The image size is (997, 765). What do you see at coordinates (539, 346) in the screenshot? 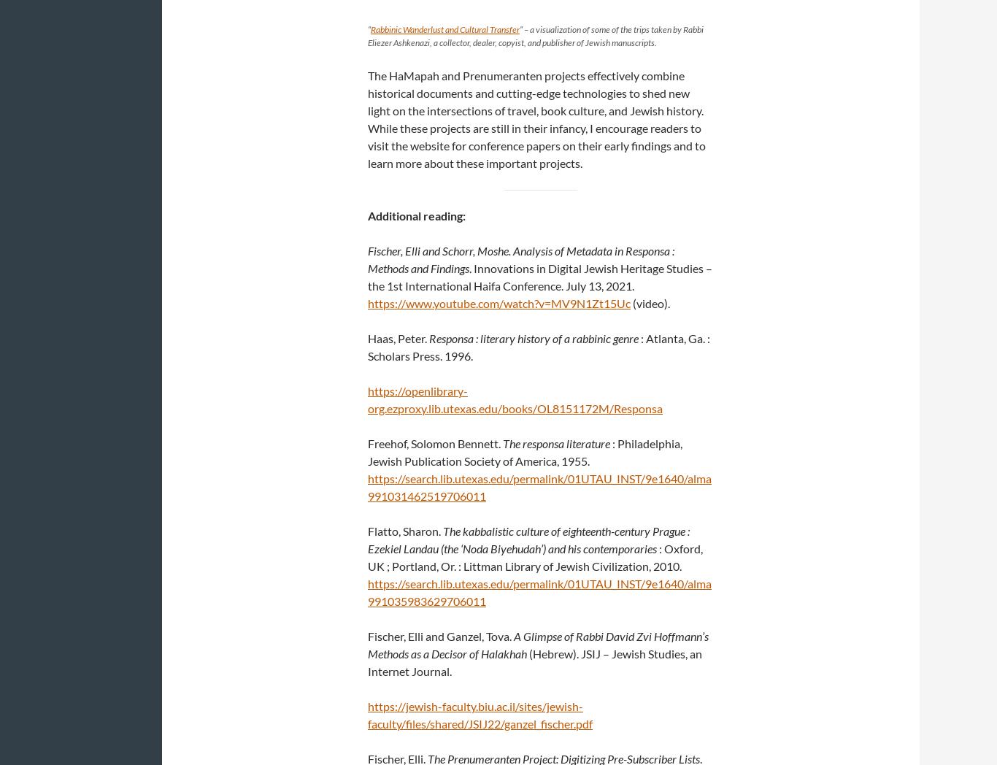
I see `': Atlanta, Ga. : Scholars Press. 1996.'` at bounding box center [539, 346].